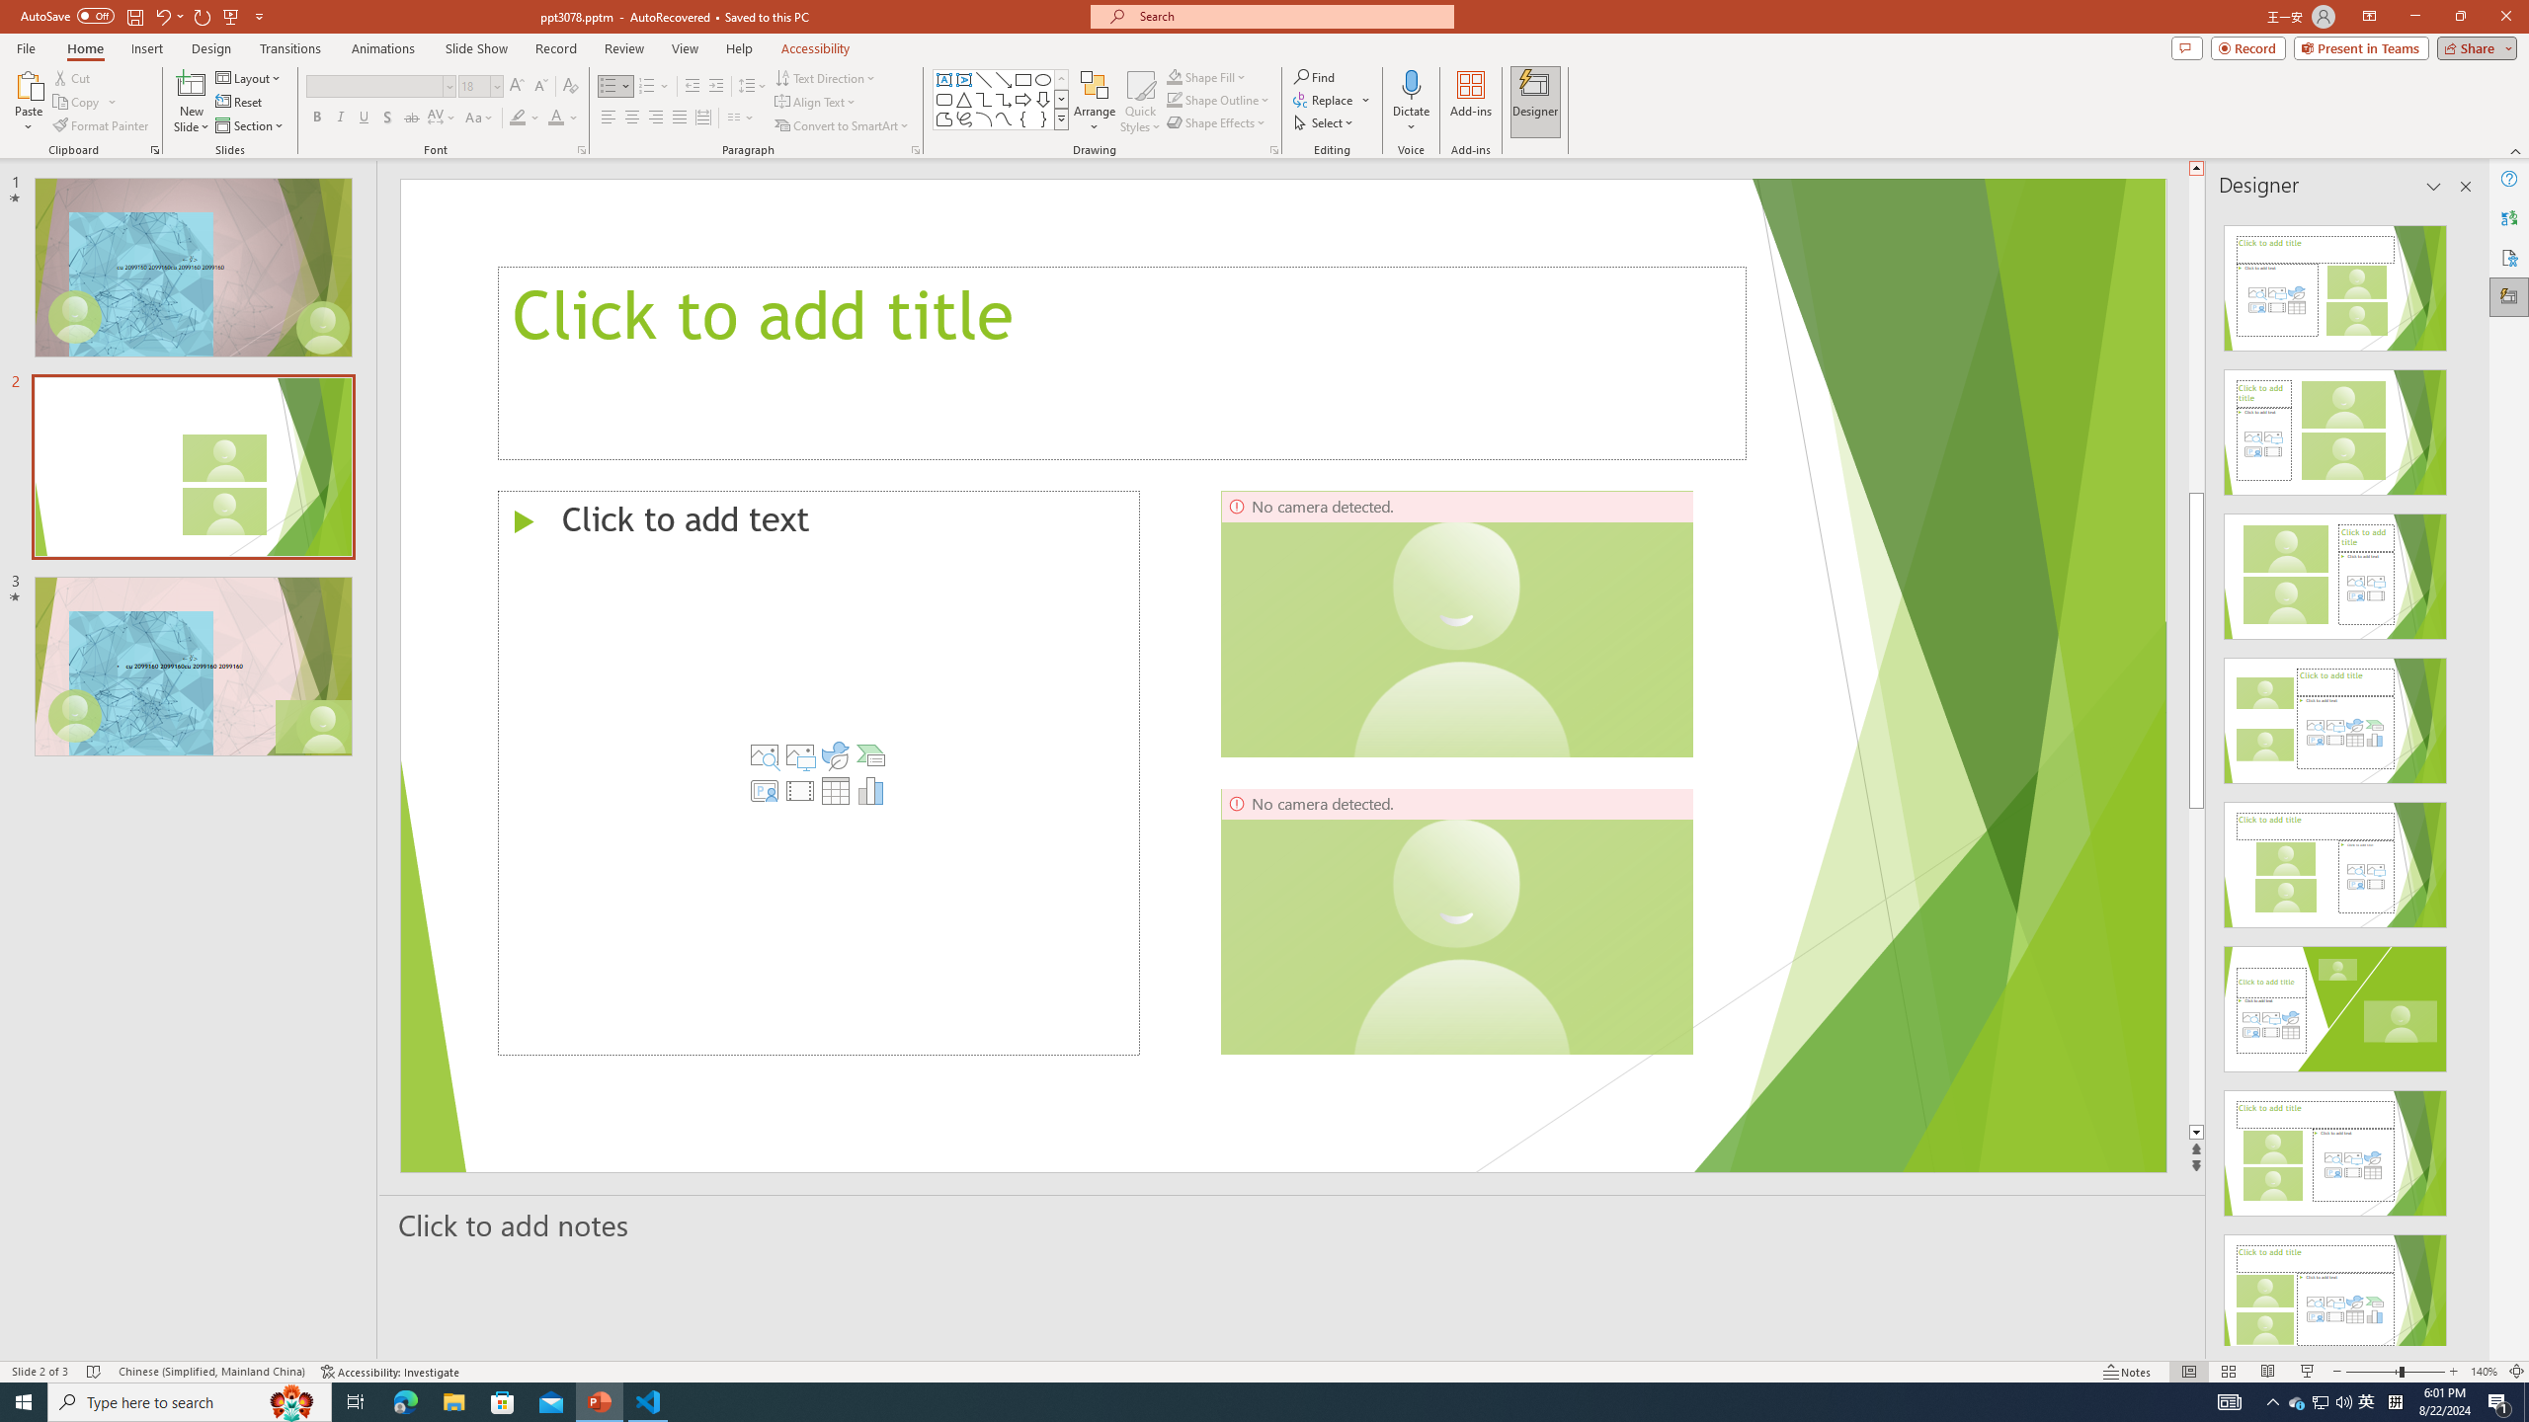 The width and height of the screenshot is (2529, 1422). What do you see at coordinates (479, 117) in the screenshot?
I see `'Change Case'` at bounding box center [479, 117].